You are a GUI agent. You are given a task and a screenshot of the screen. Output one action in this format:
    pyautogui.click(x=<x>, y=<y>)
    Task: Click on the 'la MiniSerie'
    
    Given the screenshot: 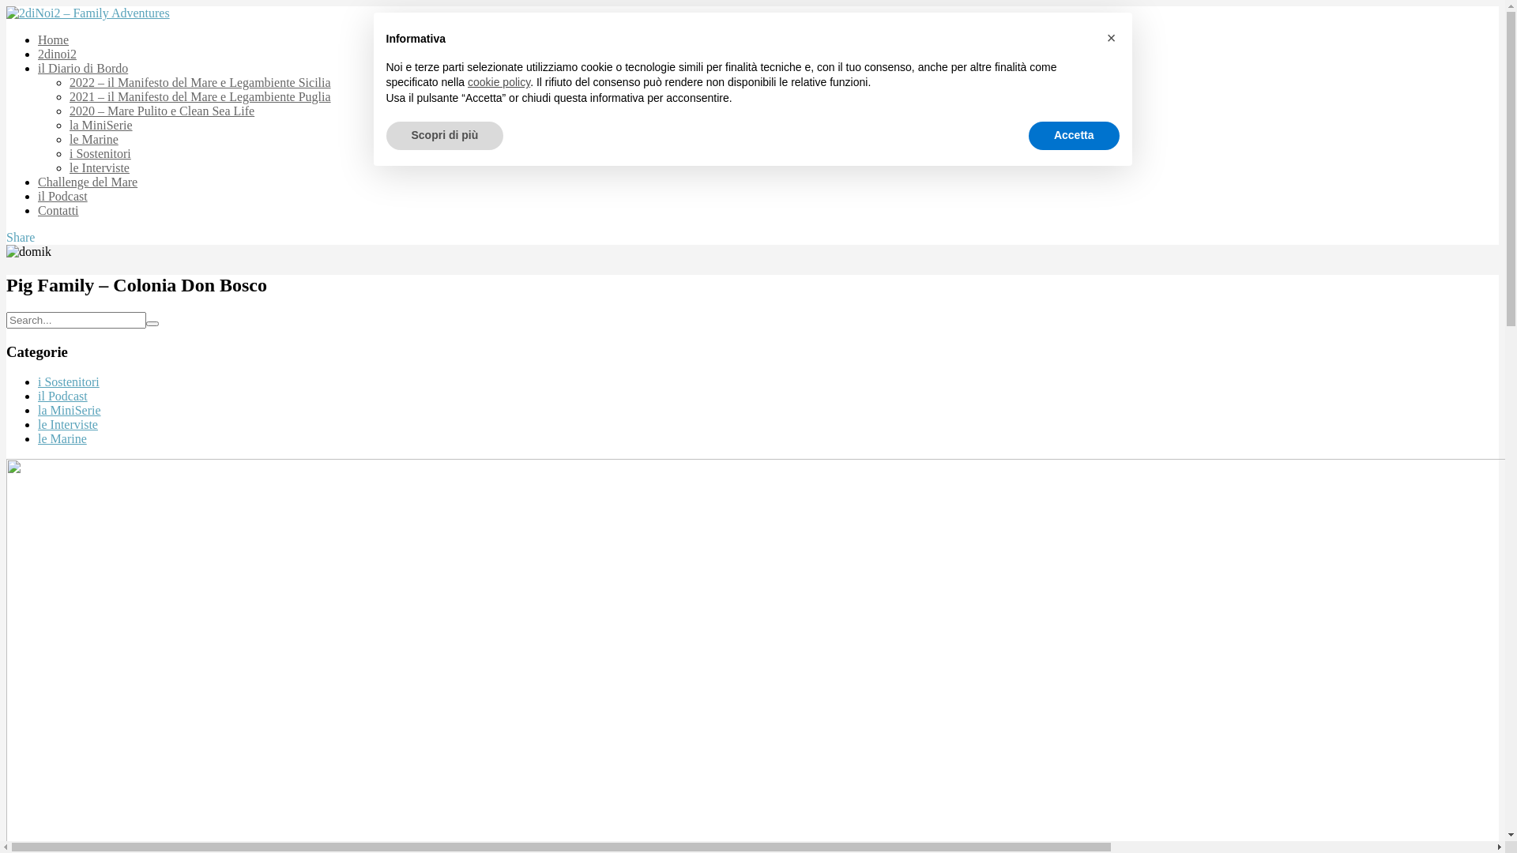 What is the action you would take?
    pyautogui.click(x=38, y=409)
    